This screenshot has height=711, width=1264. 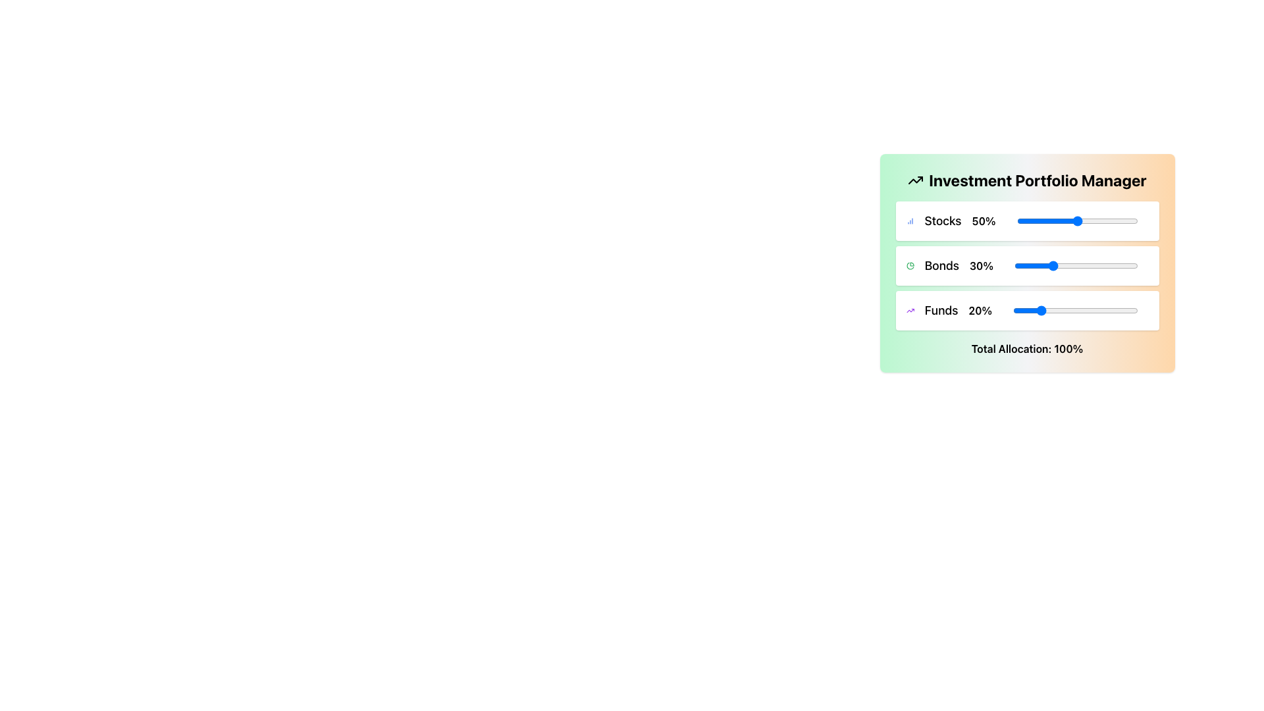 What do you see at coordinates (941, 310) in the screenshot?
I see `the 'Funds' text label in the investment portfolio manager, which is located in the third row of the allocation list, centrally to the left of the percentage value '20%' and below the 'Bonds' section` at bounding box center [941, 310].